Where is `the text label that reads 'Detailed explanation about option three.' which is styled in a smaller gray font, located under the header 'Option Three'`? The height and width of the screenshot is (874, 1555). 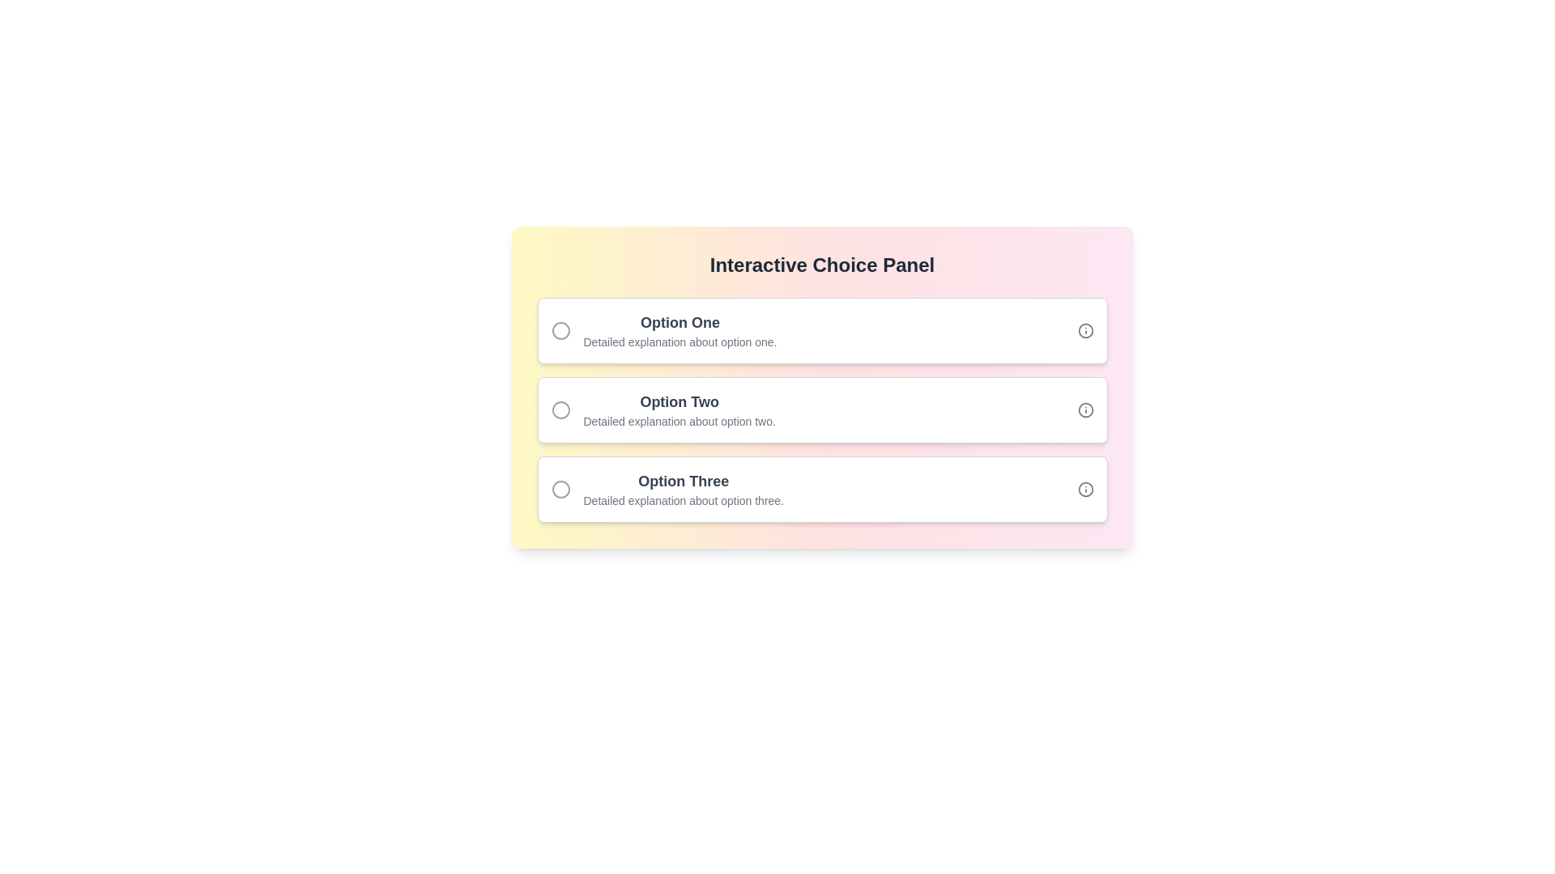 the text label that reads 'Detailed explanation about option three.' which is styled in a smaller gray font, located under the header 'Option Three' is located at coordinates (684, 499).